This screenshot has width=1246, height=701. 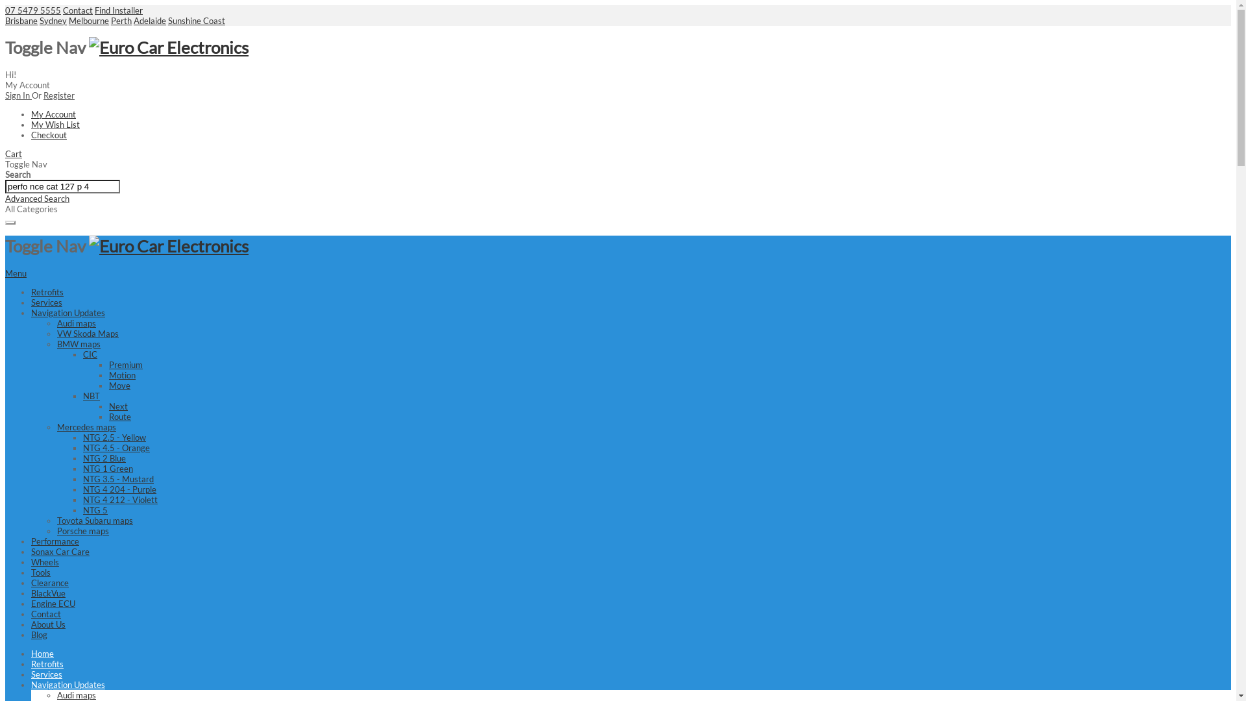 I want to click on 'About Us', so click(x=48, y=623).